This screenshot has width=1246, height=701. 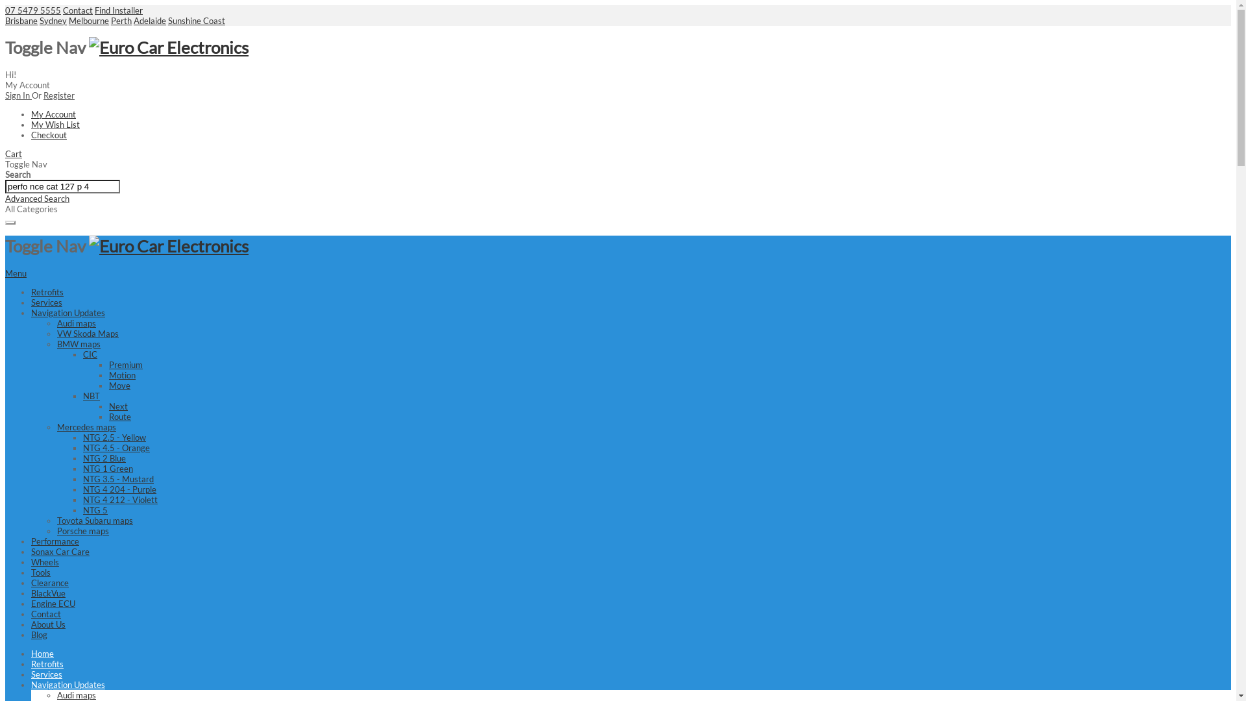 I want to click on 'About Us', so click(x=48, y=623).